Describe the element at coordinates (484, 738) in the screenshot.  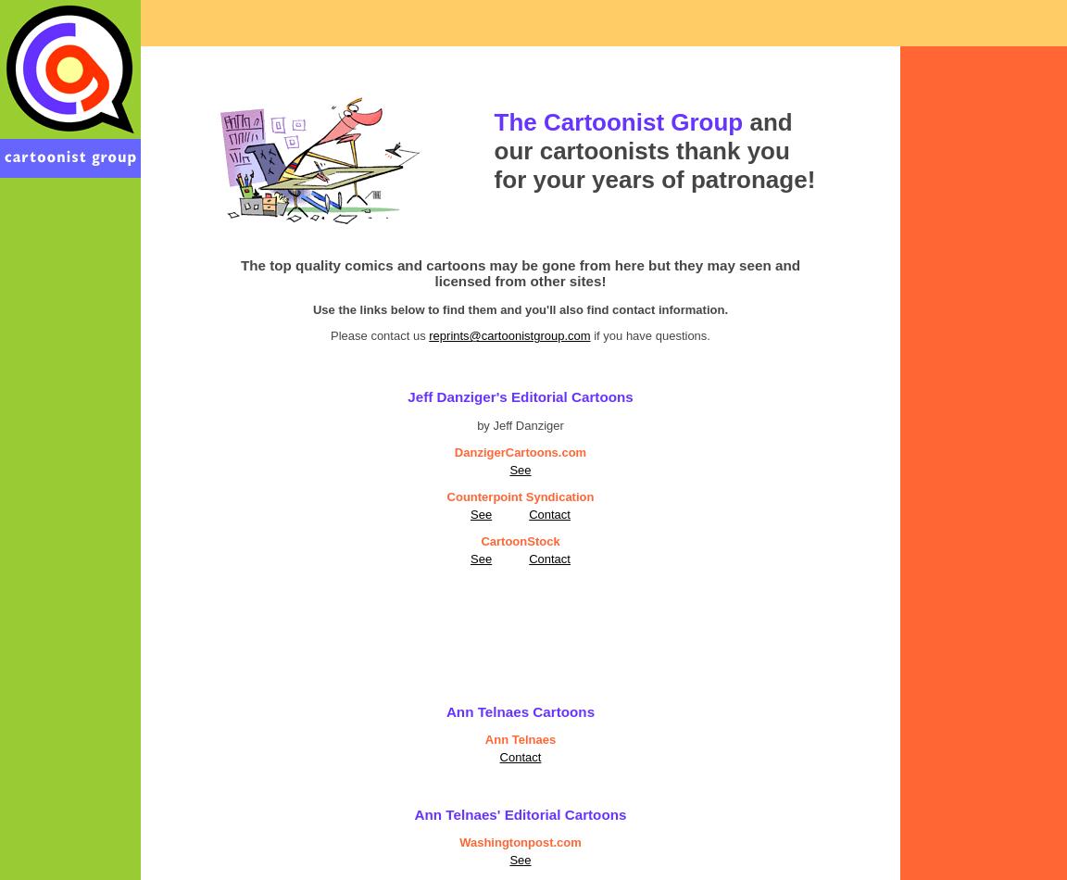
I see `'Ann Telnaes'` at that location.